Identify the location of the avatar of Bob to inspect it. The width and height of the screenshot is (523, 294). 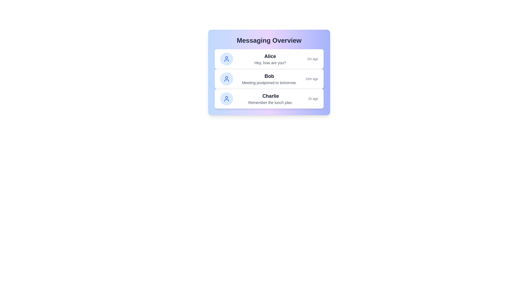
(226, 79).